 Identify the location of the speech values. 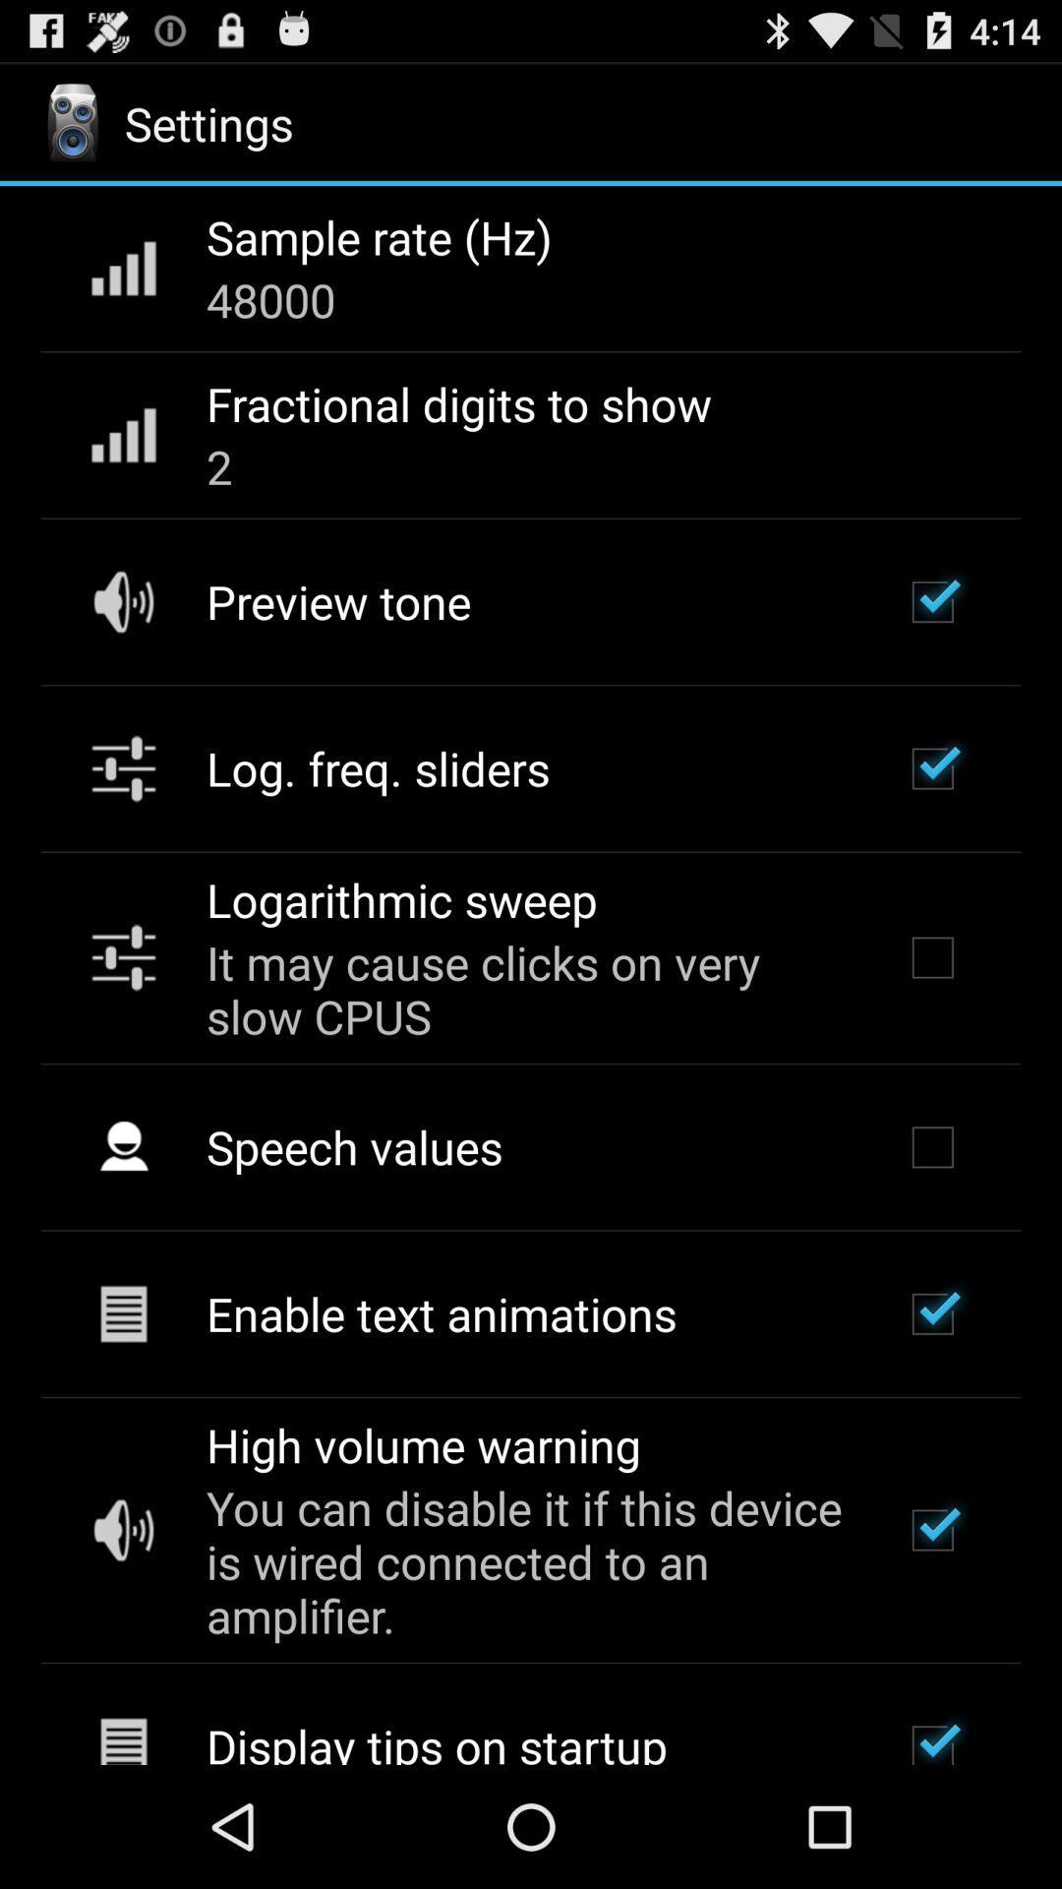
(354, 1146).